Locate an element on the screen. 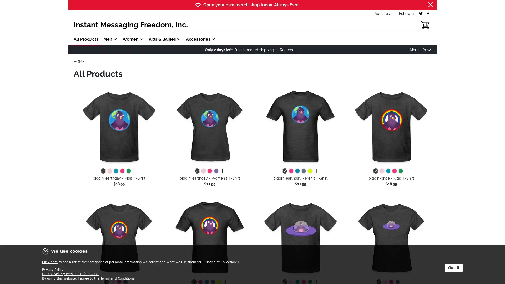  pink is located at coordinates (203, 171).